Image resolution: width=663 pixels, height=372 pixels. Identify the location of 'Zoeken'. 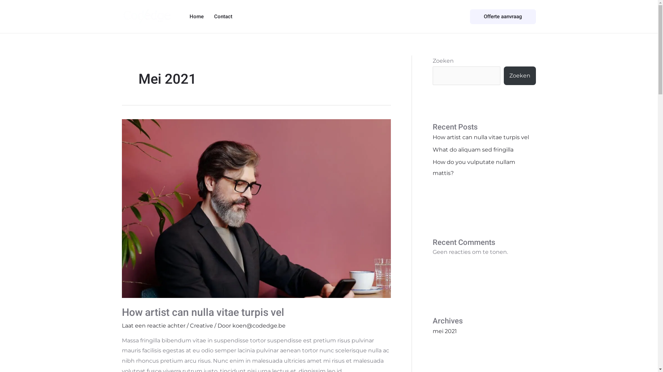
(503, 75).